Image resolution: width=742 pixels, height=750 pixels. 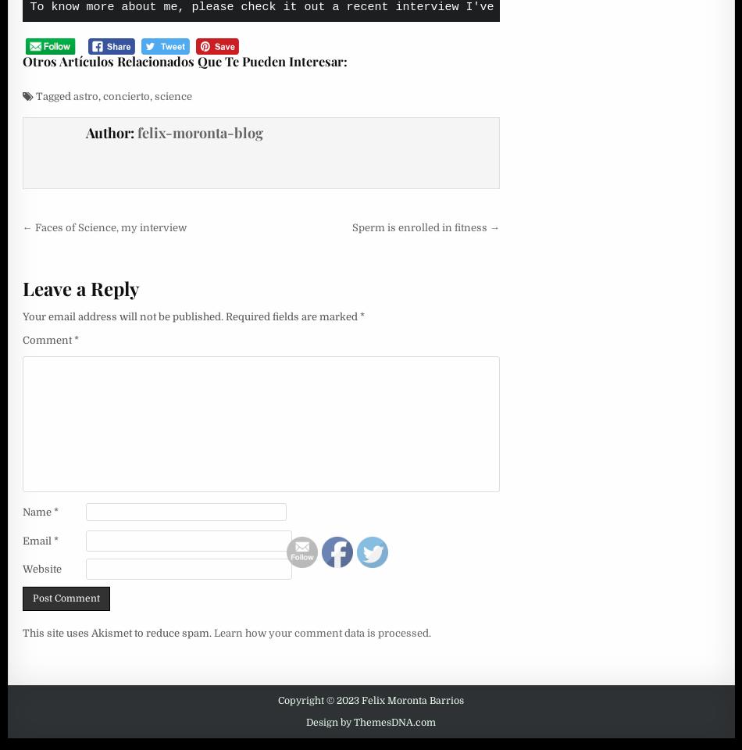 I want to click on 'Your email address will not be published.', so click(x=122, y=315).